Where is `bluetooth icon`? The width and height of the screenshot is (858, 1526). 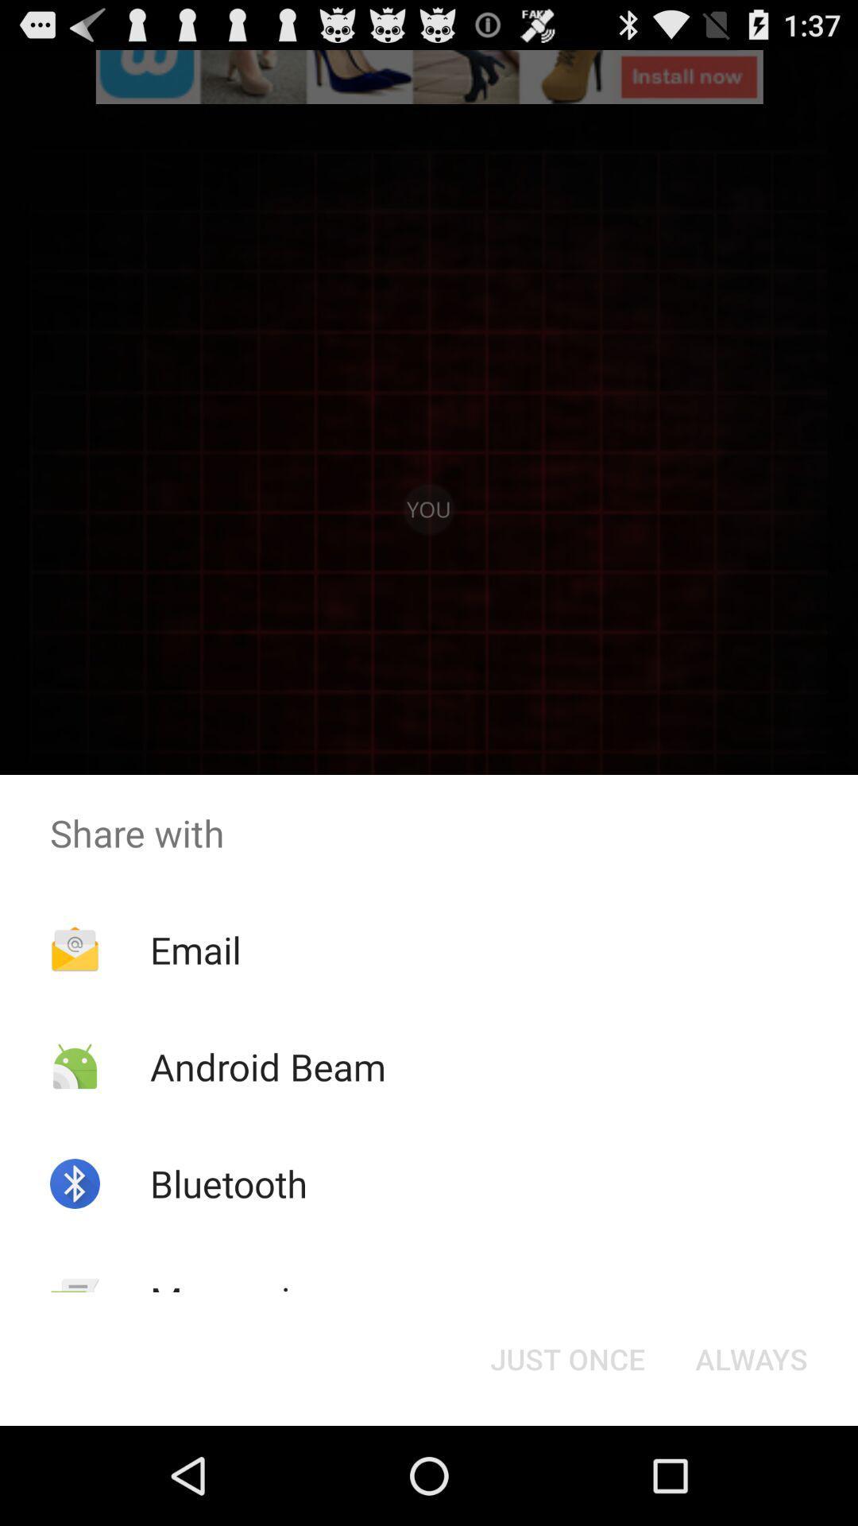 bluetooth icon is located at coordinates (229, 1183).